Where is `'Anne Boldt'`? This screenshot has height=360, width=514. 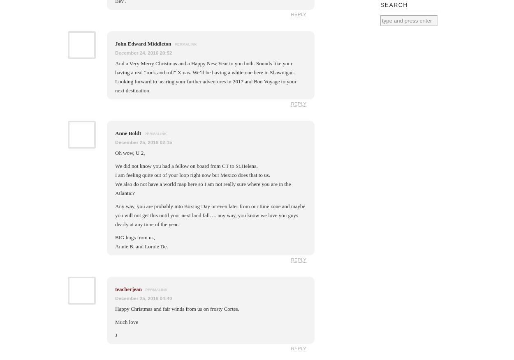 'Anne Boldt' is located at coordinates (128, 133).